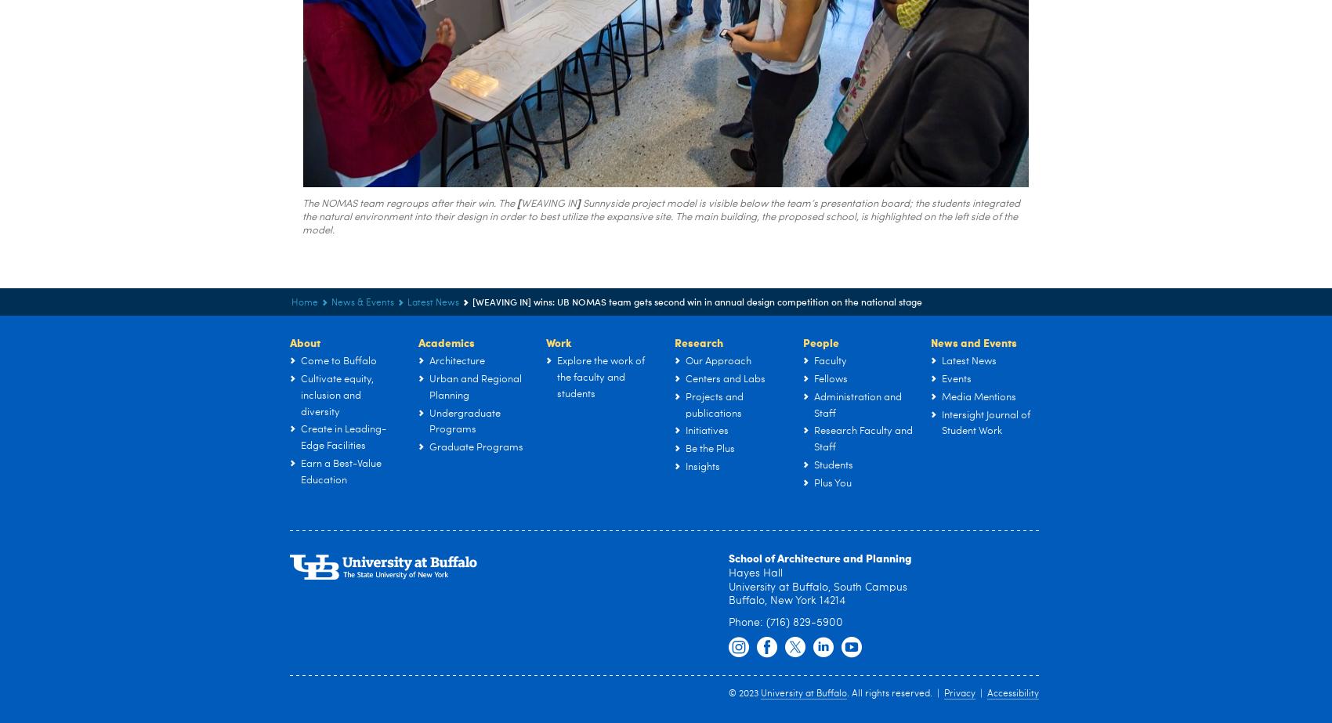 Image resolution: width=1332 pixels, height=723 pixels. What do you see at coordinates (475, 385) in the screenshot?
I see `'Urban and Regional Planning'` at bounding box center [475, 385].